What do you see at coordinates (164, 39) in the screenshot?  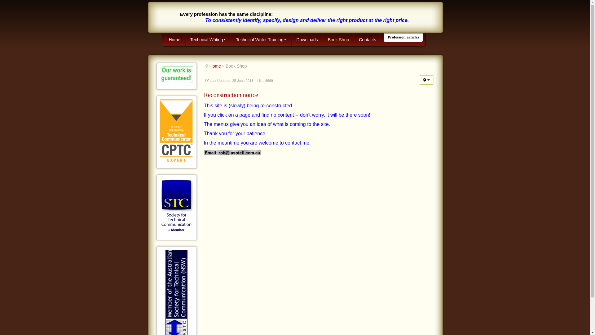 I see `'Home'` at bounding box center [164, 39].